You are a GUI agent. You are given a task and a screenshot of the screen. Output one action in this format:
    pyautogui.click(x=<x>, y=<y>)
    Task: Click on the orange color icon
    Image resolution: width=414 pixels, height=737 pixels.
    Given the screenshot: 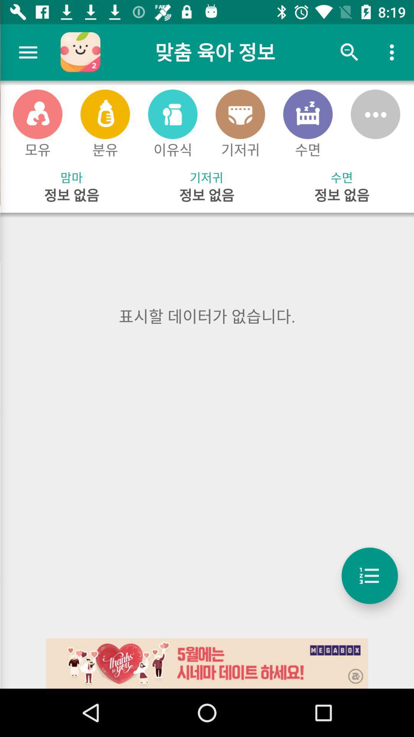 What is the action you would take?
    pyautogui.click(x=38, y=114)
    